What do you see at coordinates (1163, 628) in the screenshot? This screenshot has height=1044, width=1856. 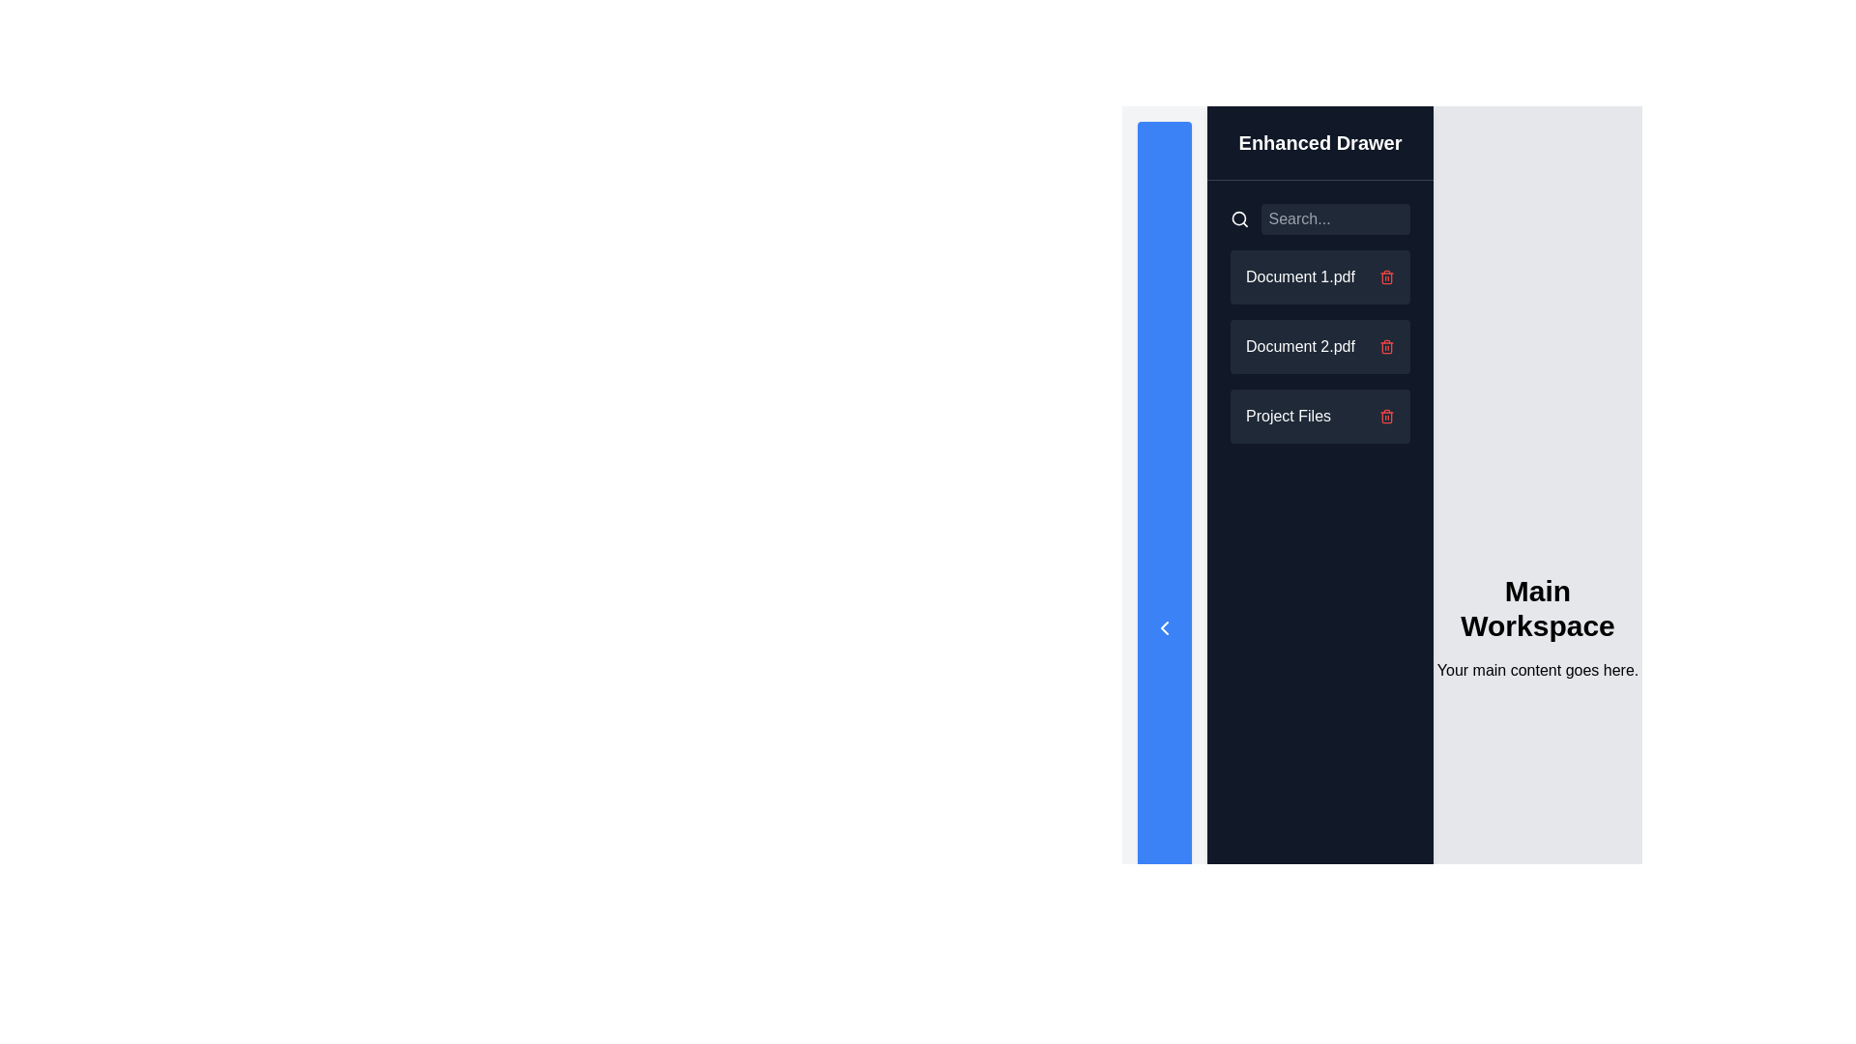 I see `the small left-pointing chevron-shaped icon button with a blue background` at bounding box center [1163, 628].